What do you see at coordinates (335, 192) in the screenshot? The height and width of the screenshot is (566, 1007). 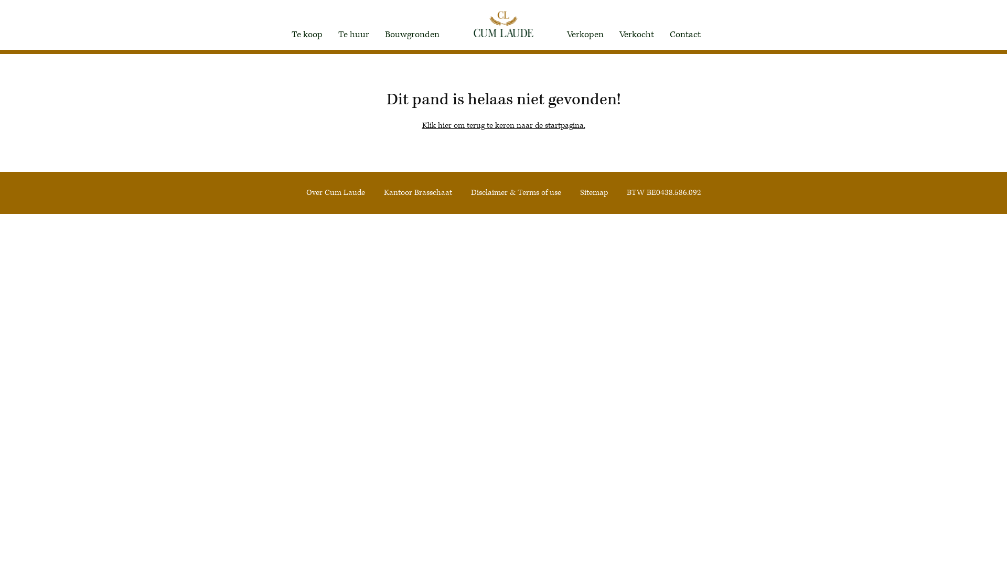 I see `'Over Cum Laude'` at bounding box center [335, 192].